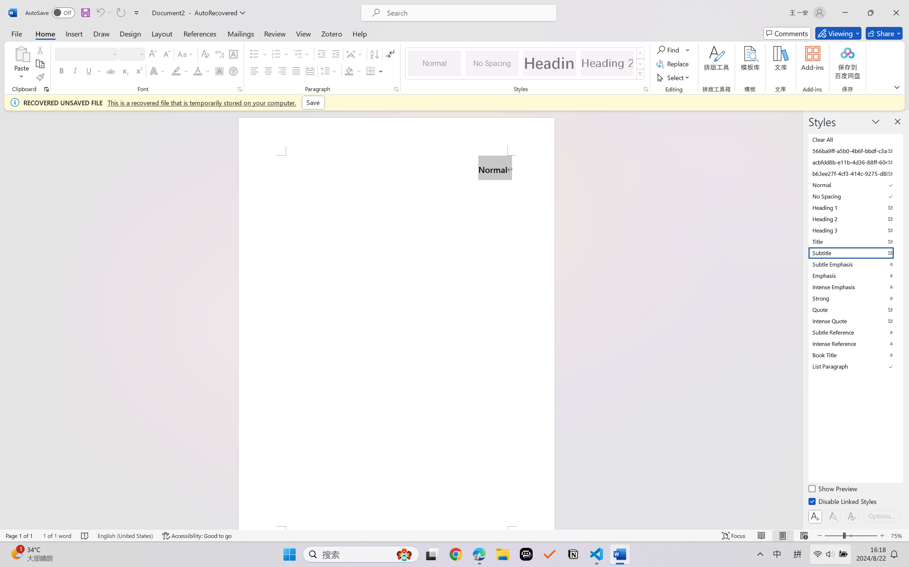  I want to click on 'Decrease Indent', so click(322, 54).